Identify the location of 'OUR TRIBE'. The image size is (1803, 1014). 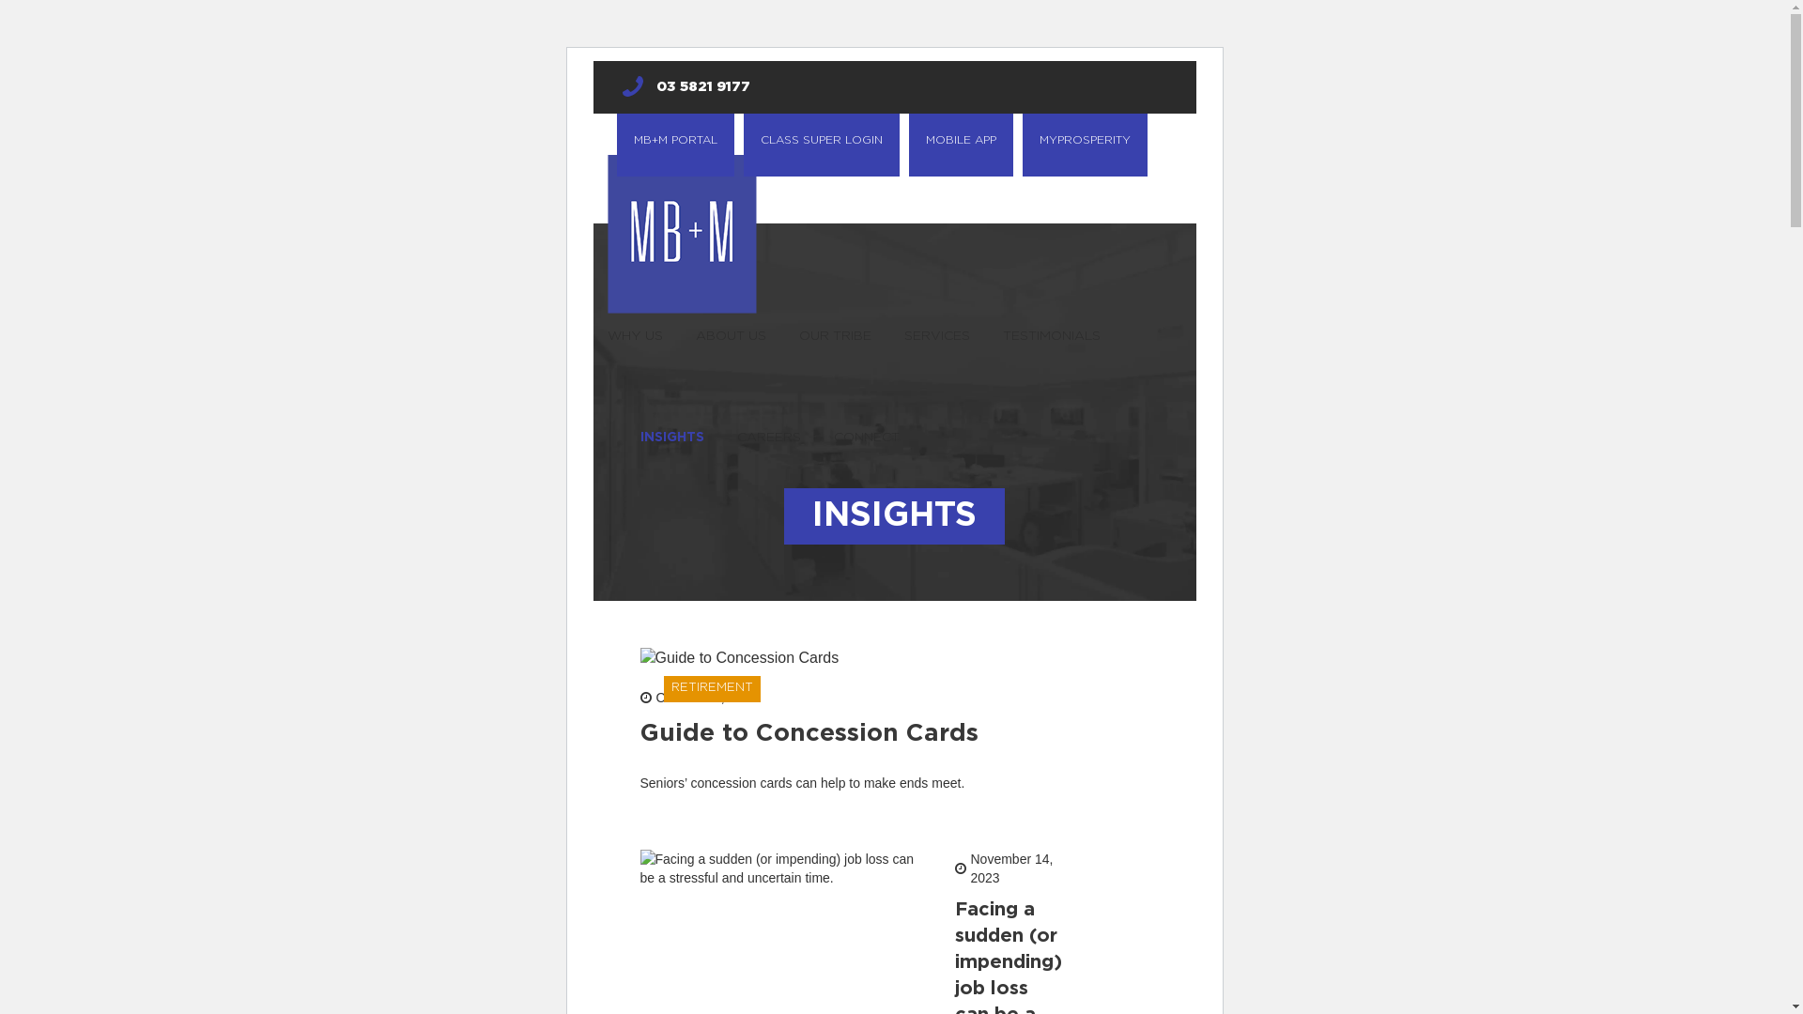
(797, 335).